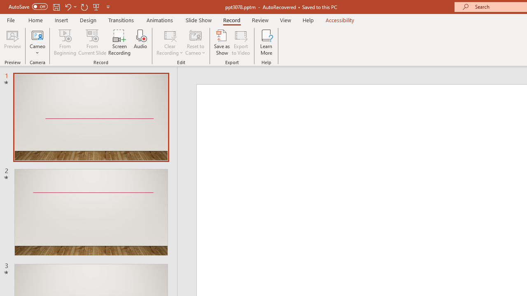 Image resolution: width=527 pixels, height=296 pixels. What do you see at coordinates (240, 42) in the screenshot?
I see `'Export to Video'` at bounding box center [240, 42].